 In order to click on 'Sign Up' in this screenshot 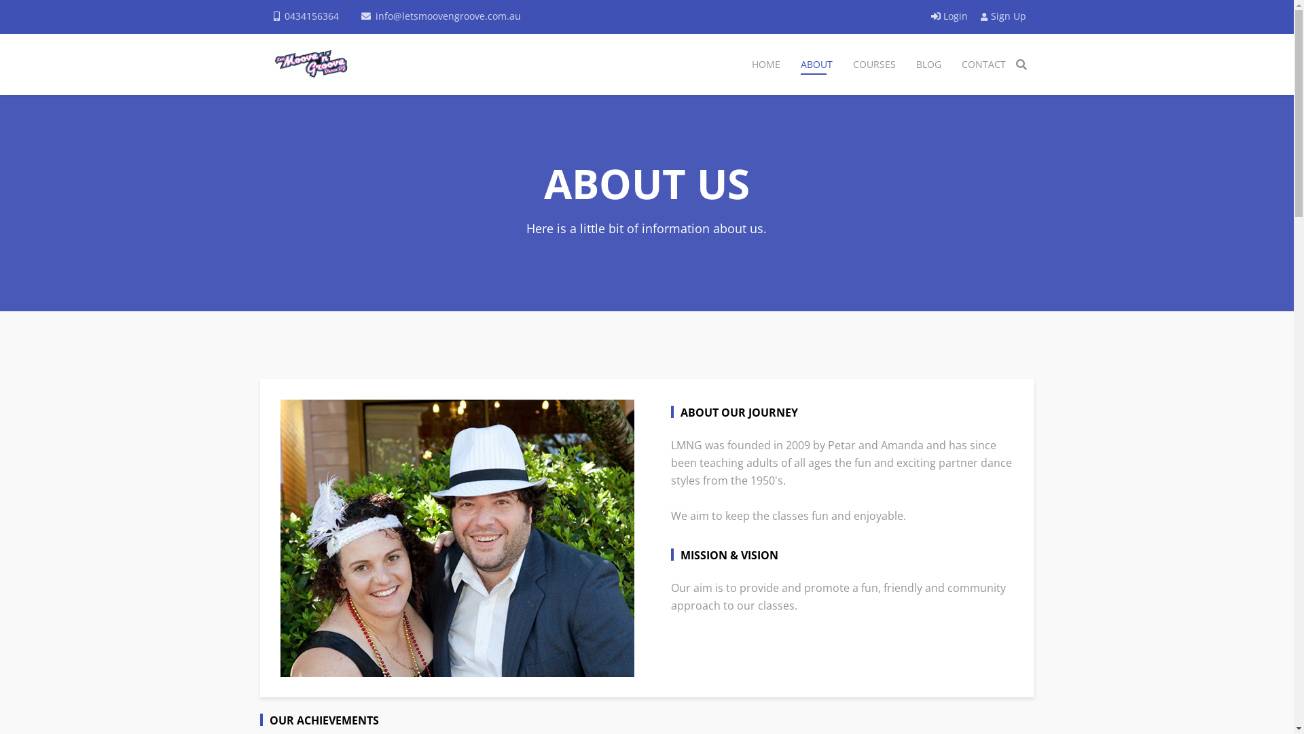, I will do `click(1003, 16)`.